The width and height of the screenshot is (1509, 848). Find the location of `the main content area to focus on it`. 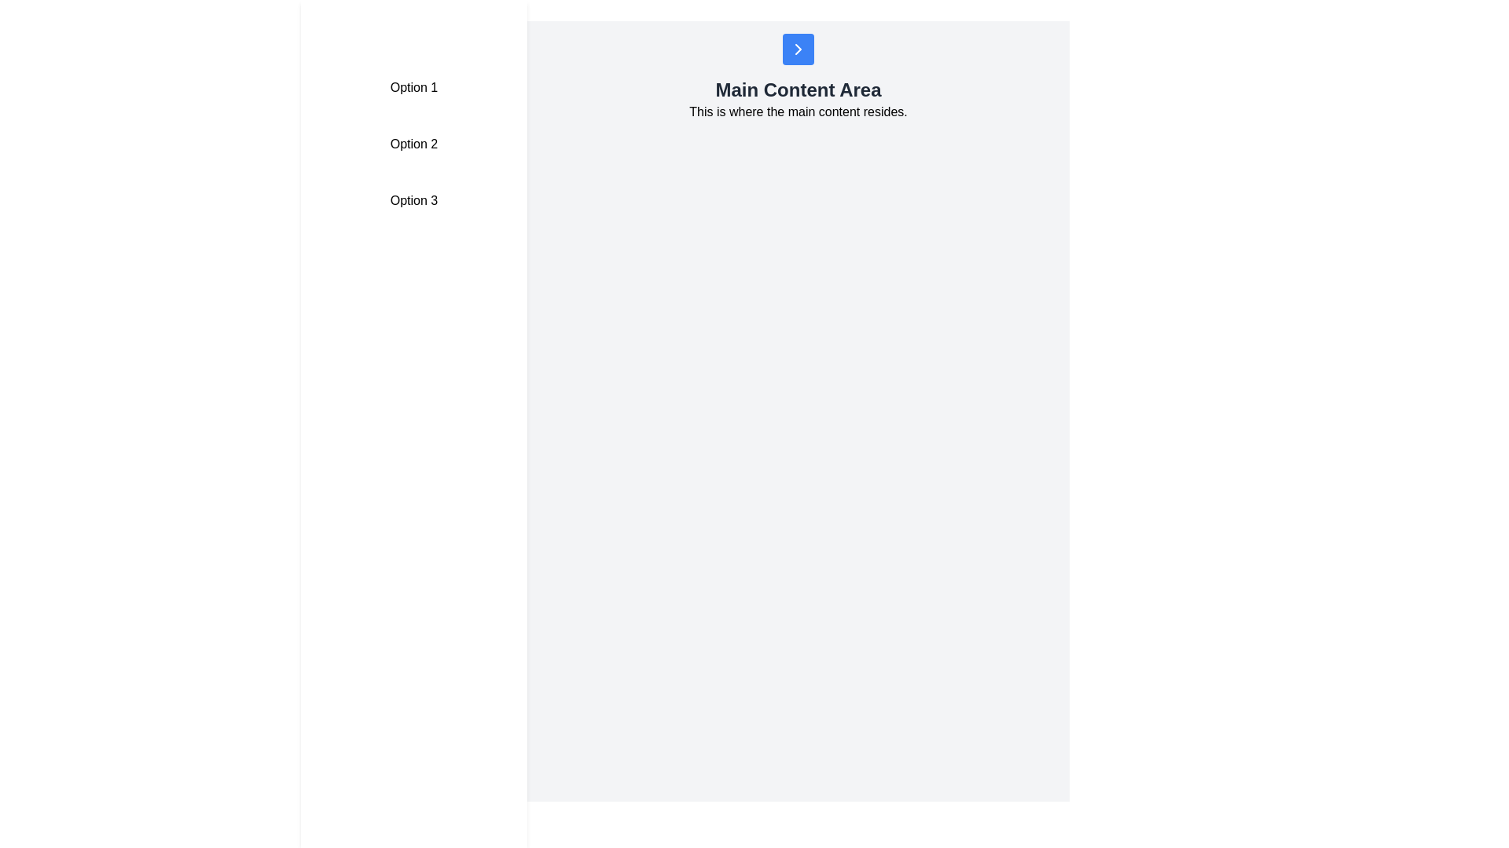

the main content area to focus on it is located at coordinates (799, 445).